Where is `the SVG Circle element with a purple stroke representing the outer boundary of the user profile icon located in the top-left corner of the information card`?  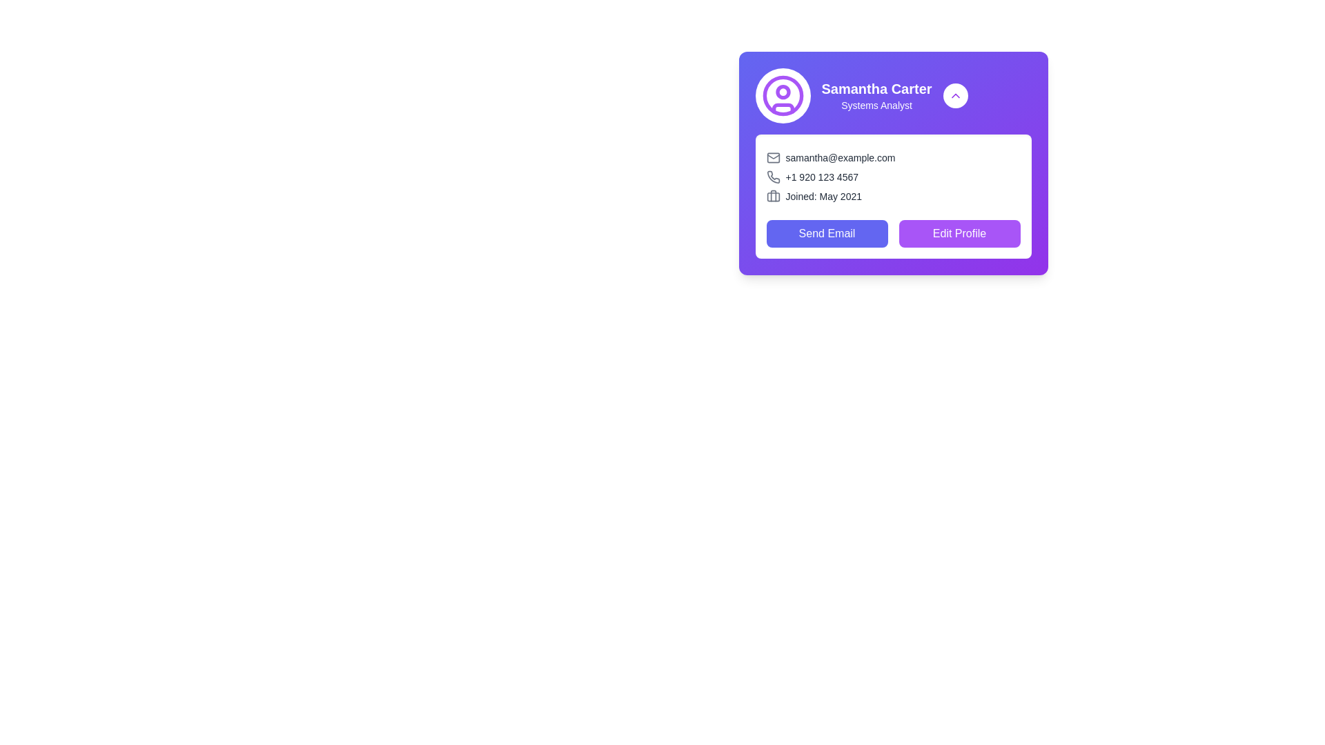 the SVG Circle element with a purple stroke representing the outer boundary of the user profile icon located in the top-left corner of the information card is located at coordinates (783, 95).